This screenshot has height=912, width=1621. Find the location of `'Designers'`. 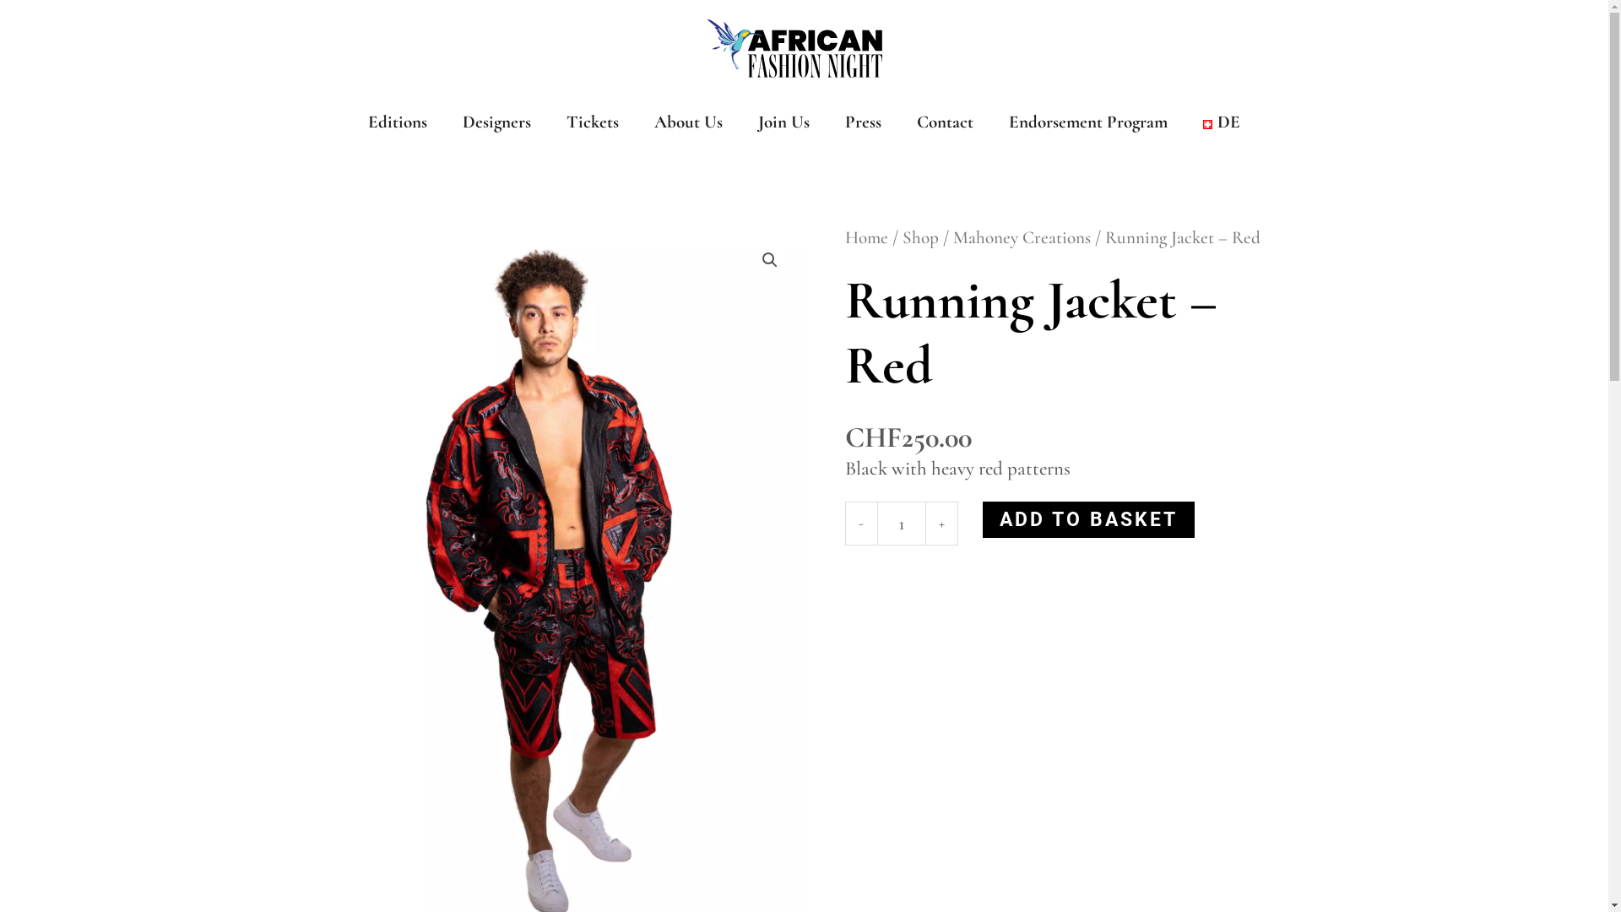

'Designers' is located at coordinates (496, 122).